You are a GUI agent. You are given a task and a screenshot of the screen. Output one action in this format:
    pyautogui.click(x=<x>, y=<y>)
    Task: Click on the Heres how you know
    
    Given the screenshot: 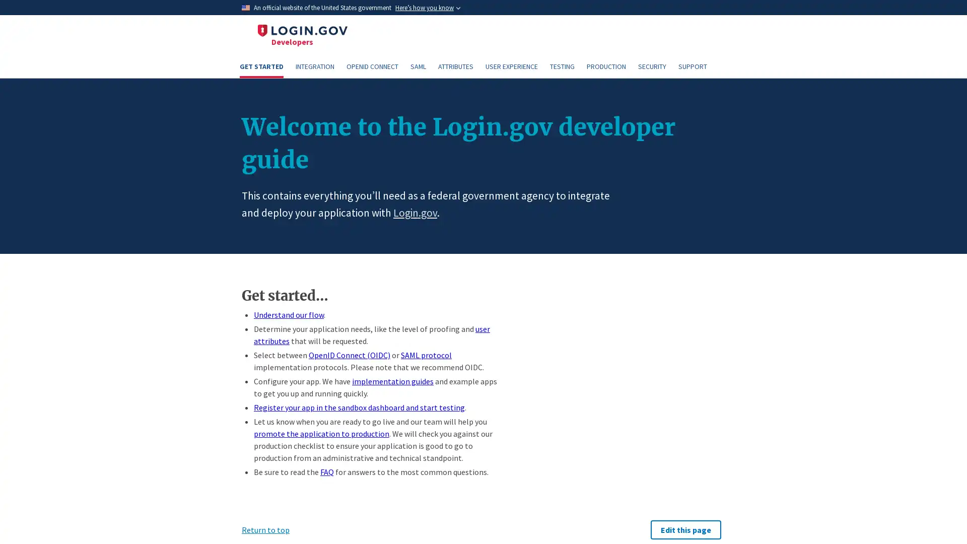 What is the action you would take?
    pyautogui.click(x=428, y=8)
    